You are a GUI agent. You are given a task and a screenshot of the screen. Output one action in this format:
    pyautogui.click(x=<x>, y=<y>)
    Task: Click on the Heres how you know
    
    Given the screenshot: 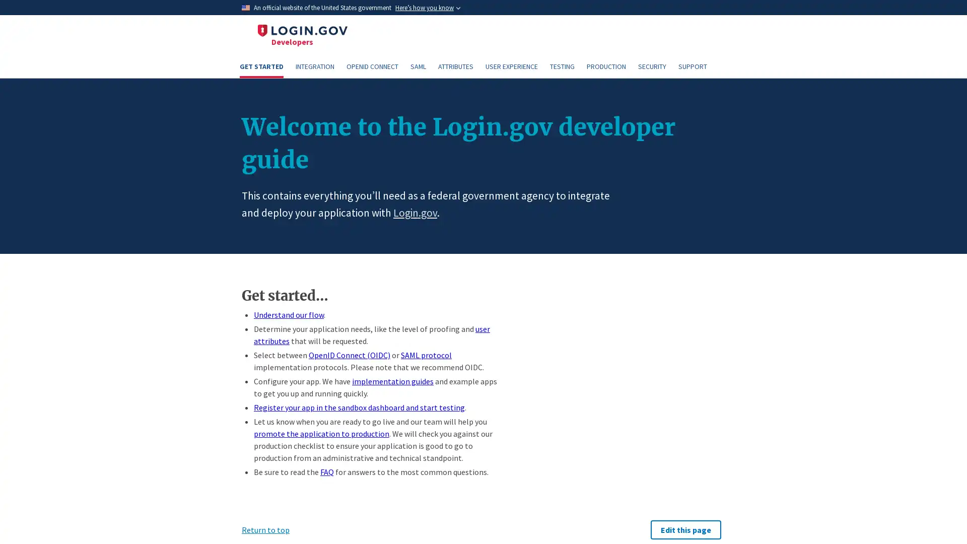 What is the action you would take?
    pyautogui.click(x=428, y=8)
    